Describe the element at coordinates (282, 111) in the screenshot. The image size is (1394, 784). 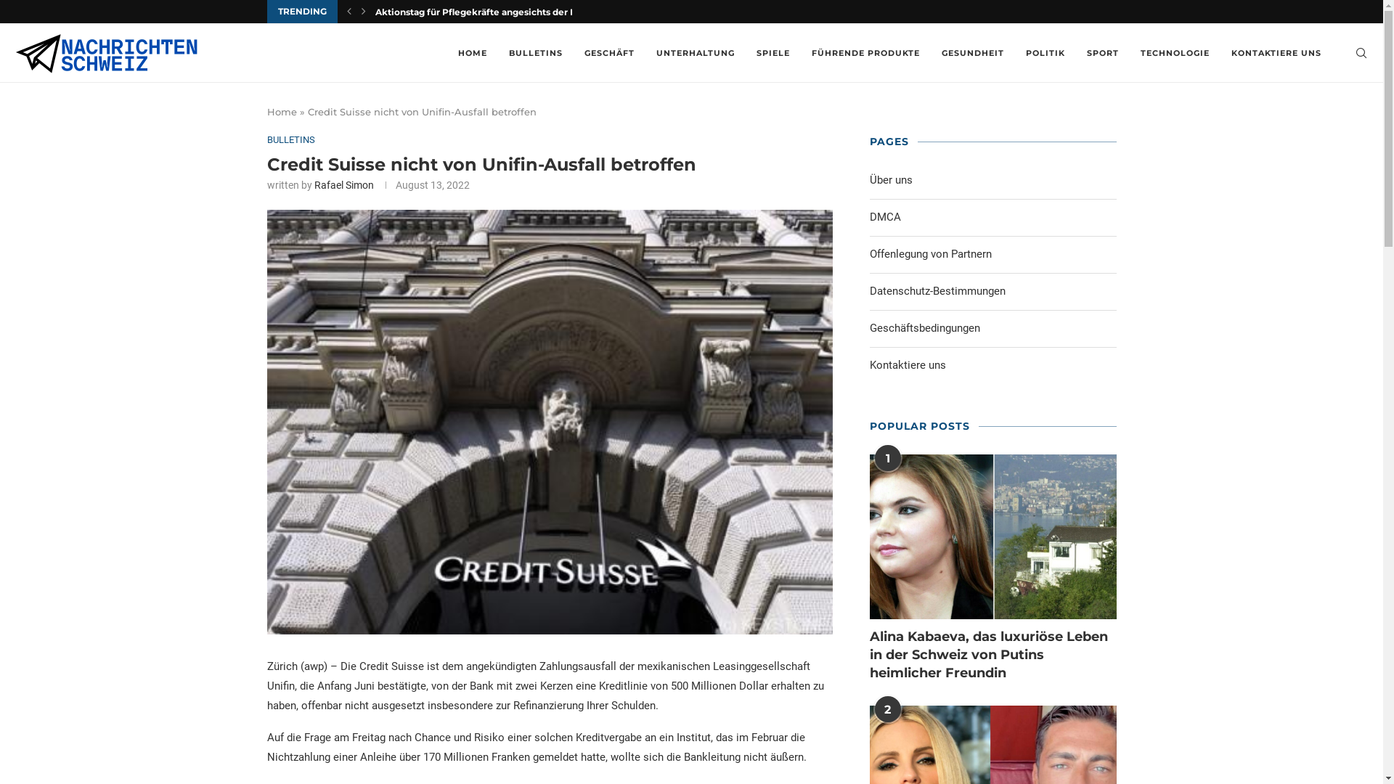
I see `'Home'` at that location.